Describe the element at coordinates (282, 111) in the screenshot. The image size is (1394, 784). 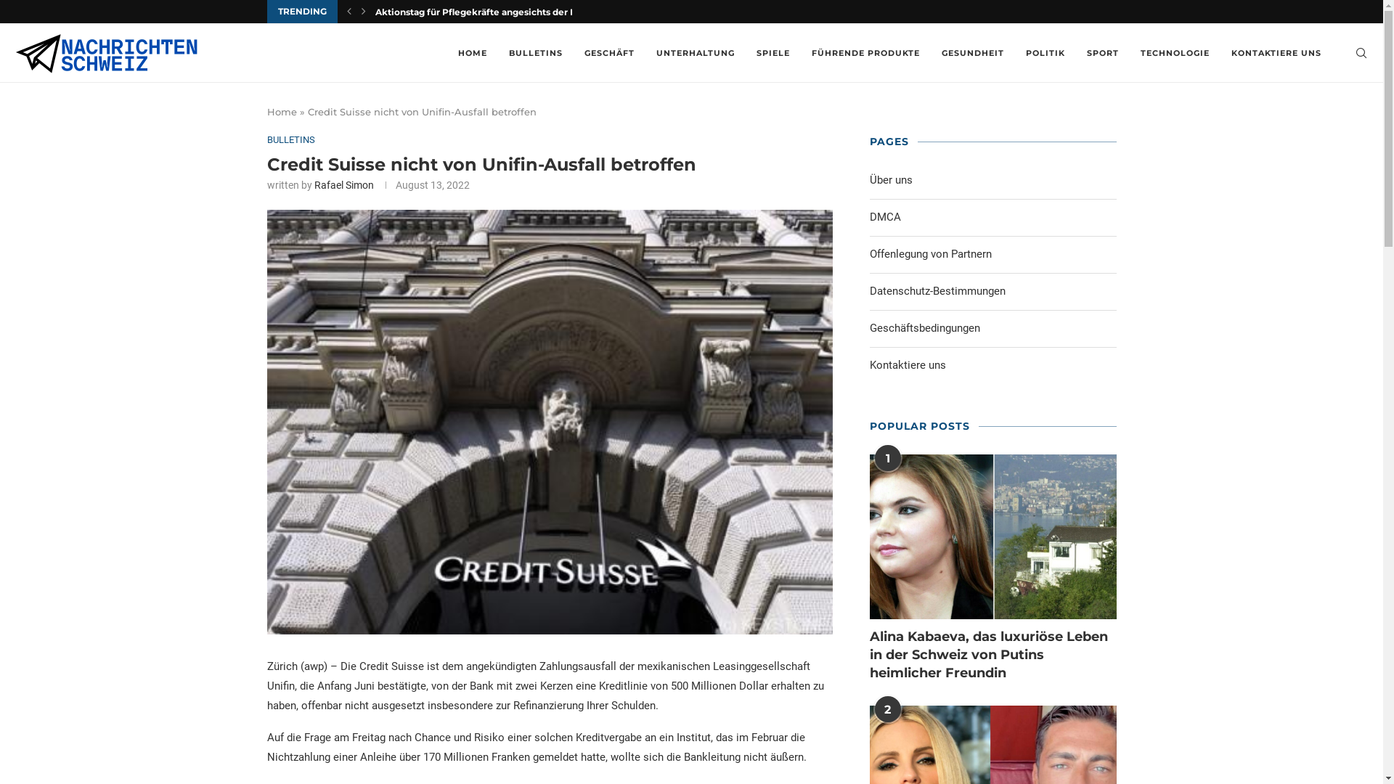
I see `'Home'` at that location.